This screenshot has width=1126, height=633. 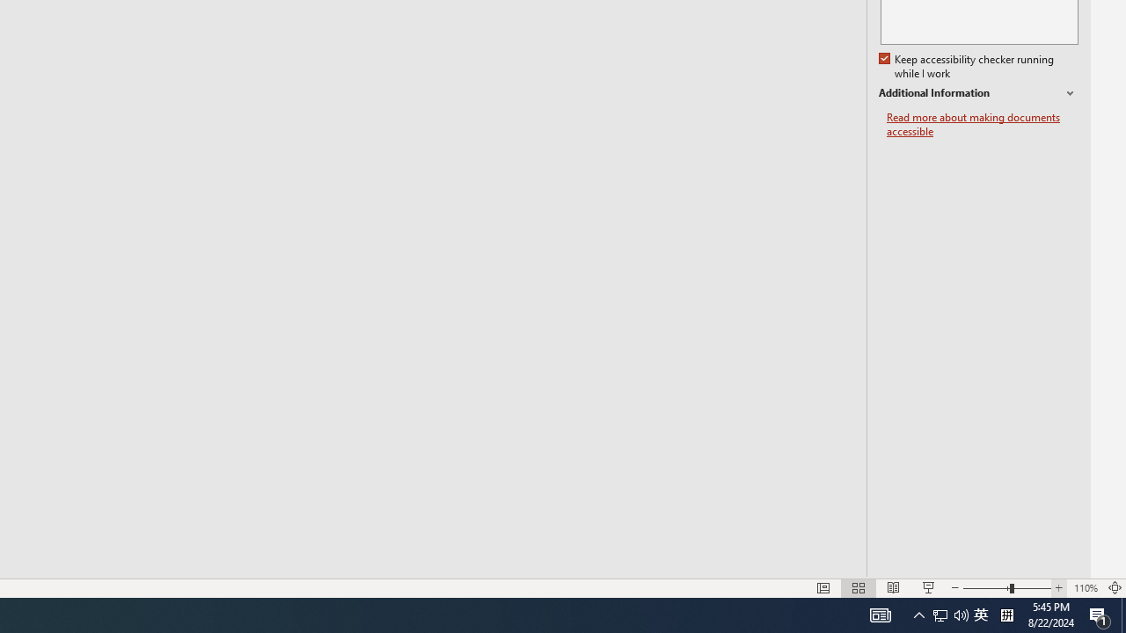 I want to click on 'Zoom to Fit ', so click(x=1114, y=588).